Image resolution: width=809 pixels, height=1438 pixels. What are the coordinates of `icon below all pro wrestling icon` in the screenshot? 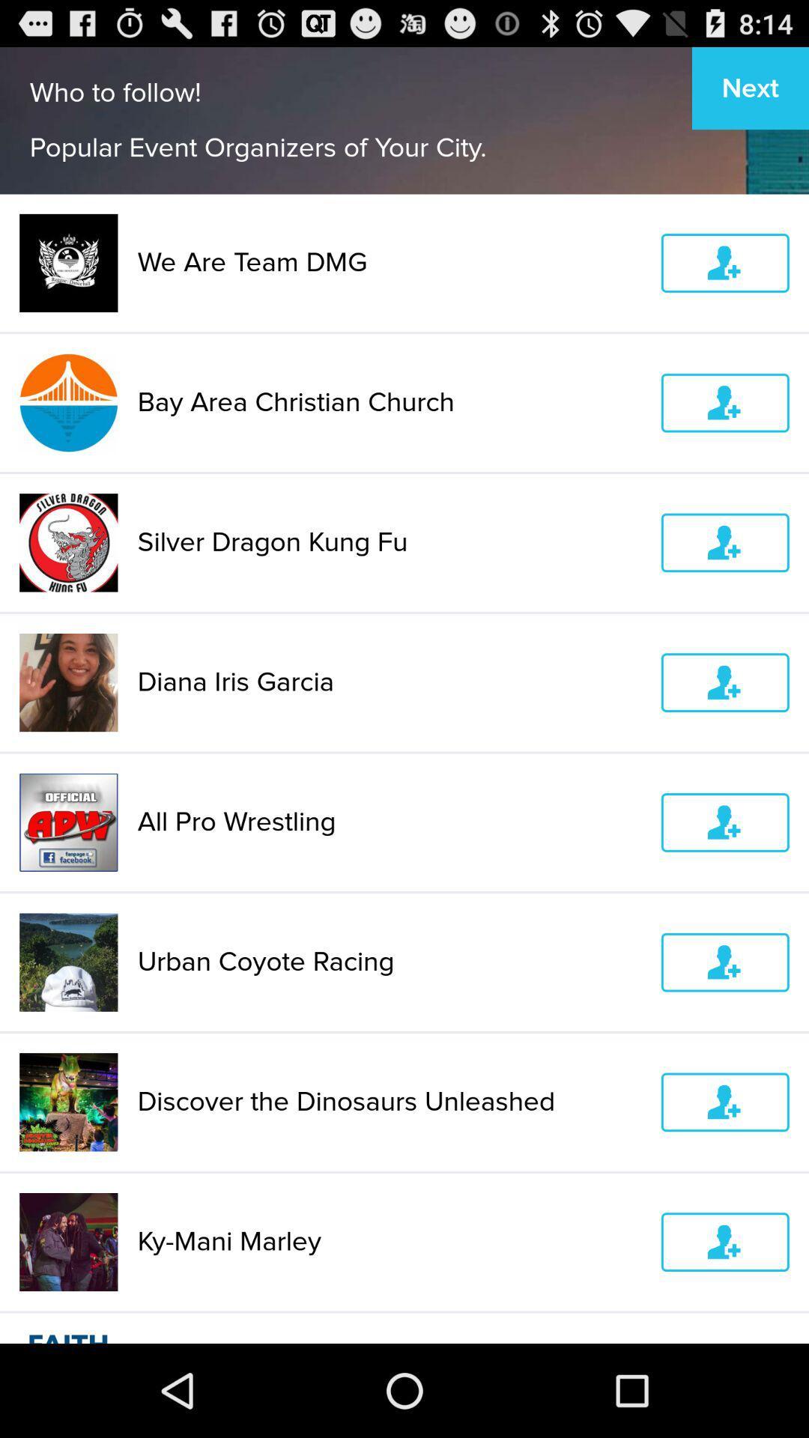 It's located at (389, 962).